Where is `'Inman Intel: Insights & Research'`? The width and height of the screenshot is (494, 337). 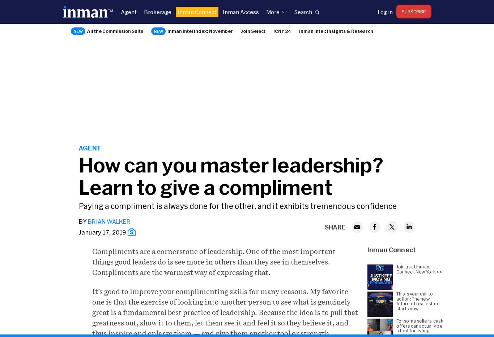
'Inman Intel: Insights & Research' is located at coordinates (336, 31).